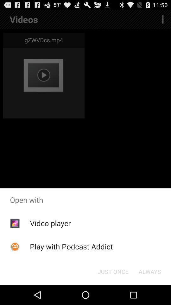 The width and height of the screenshot is (171, 305). Describe the element at coordinates (113, 271) in the screenshot. I see `just once button` at that location.